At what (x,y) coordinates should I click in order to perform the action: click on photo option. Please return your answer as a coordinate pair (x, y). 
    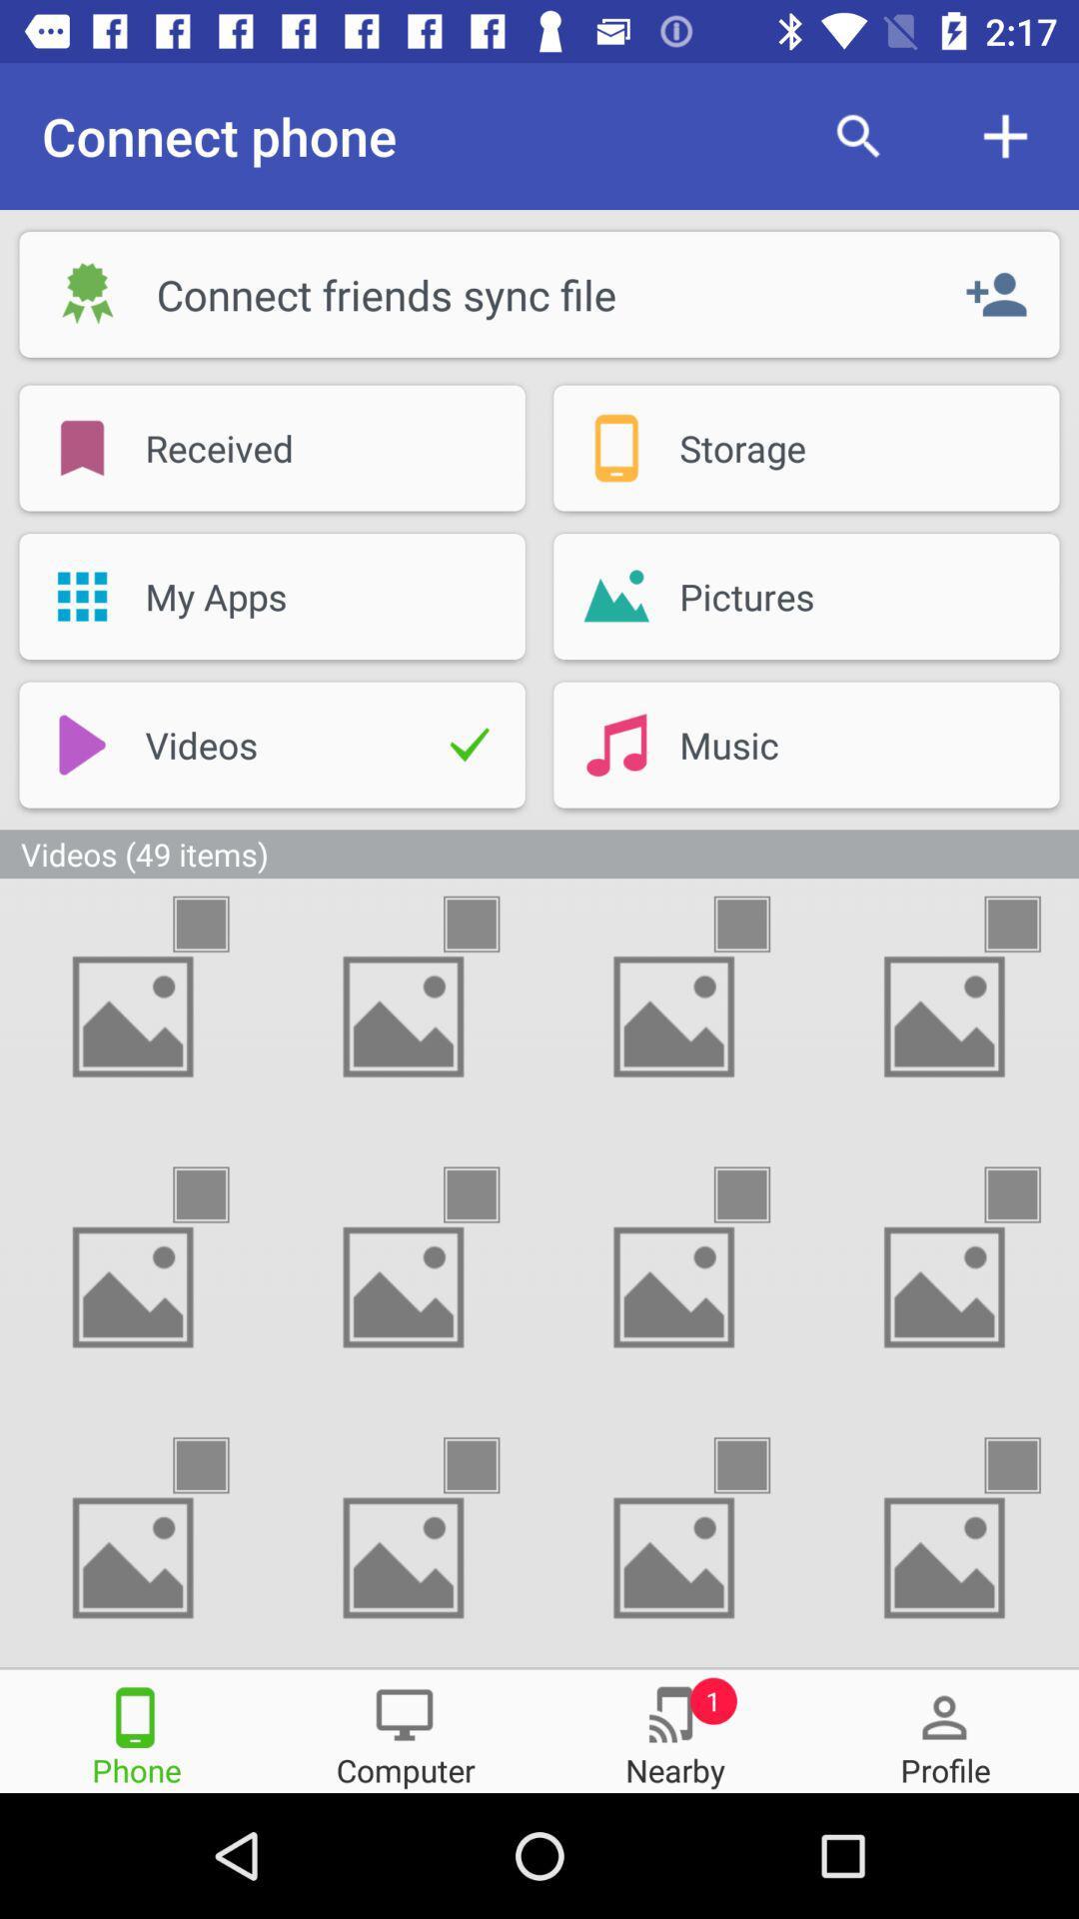
    Looking at the image, I should click on (1030, 1194).